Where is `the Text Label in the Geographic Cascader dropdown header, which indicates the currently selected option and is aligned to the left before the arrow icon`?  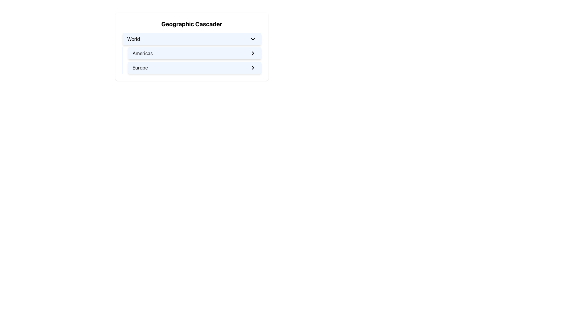
the Text Label in the Geographic Cascader dropdown header, which indicates the currently selected option and is aligned to the left before the arrow icon is located at coordinates (133, 39).